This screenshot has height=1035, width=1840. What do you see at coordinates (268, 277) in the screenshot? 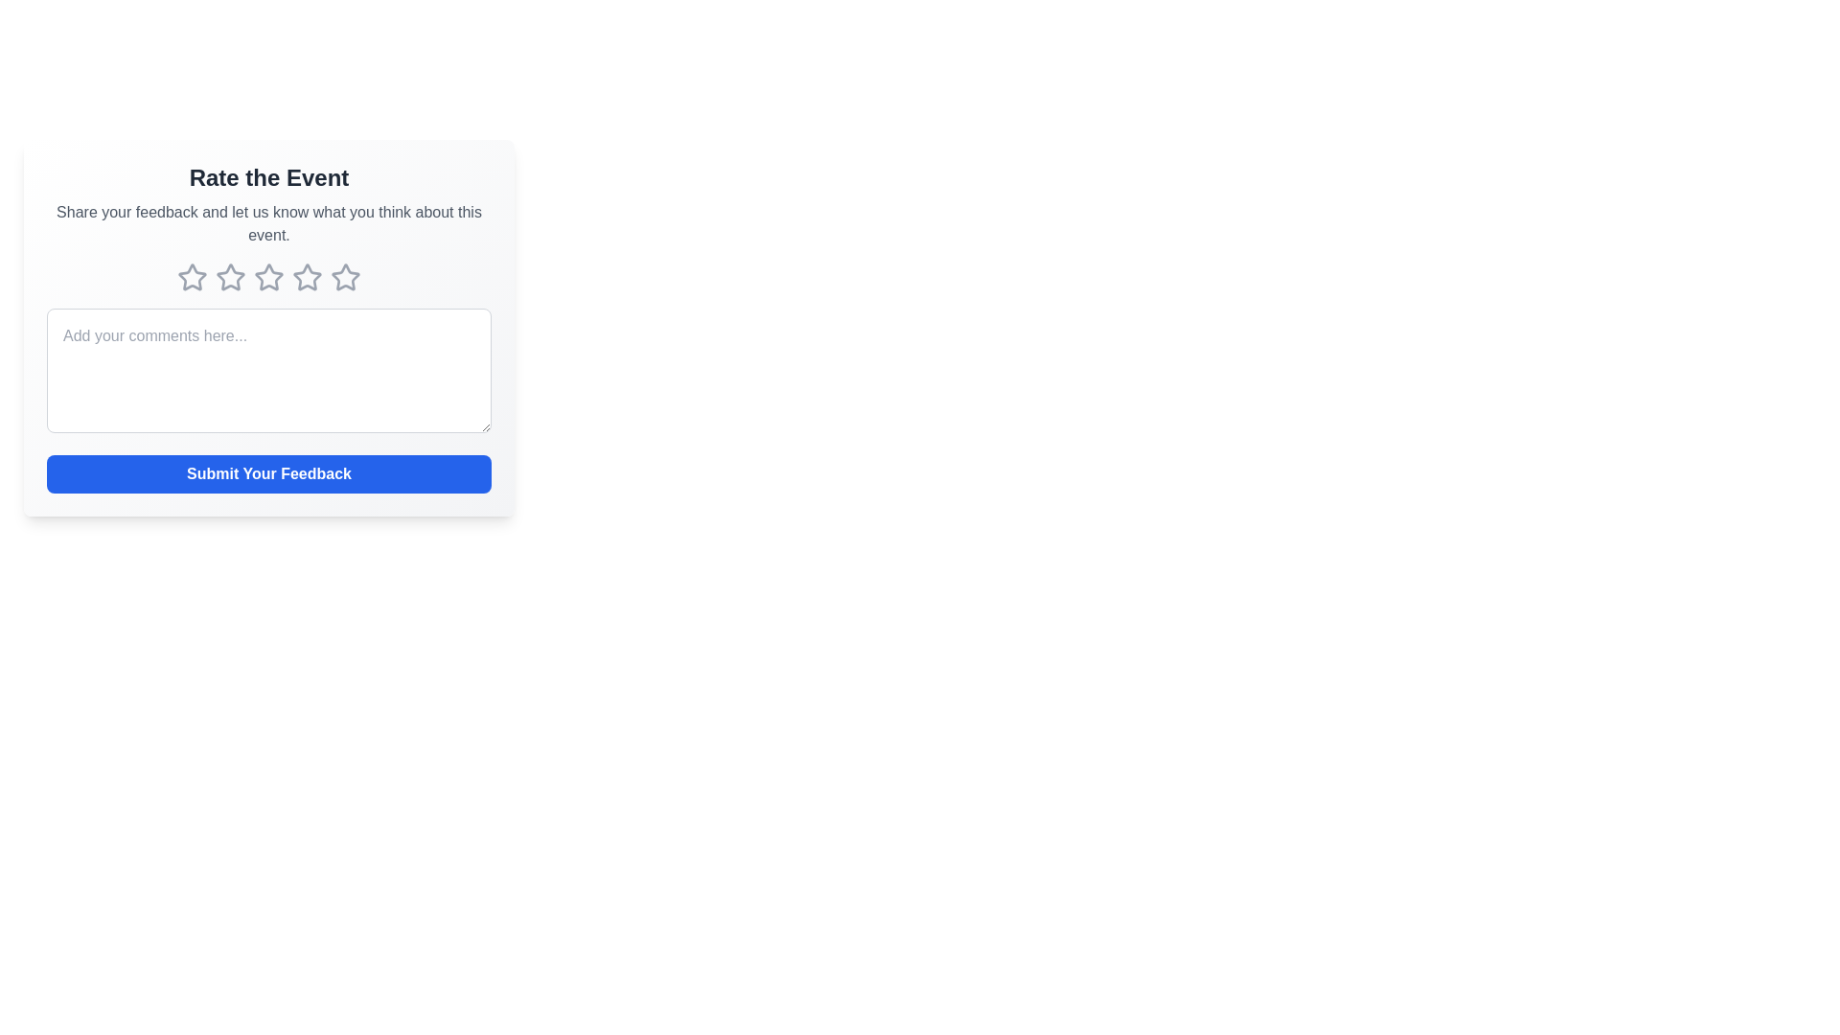
I see `the third star in the star rating component to set a rating for the event, which is located in the 'Rate the Event' section` at bounding box center [268, 277].